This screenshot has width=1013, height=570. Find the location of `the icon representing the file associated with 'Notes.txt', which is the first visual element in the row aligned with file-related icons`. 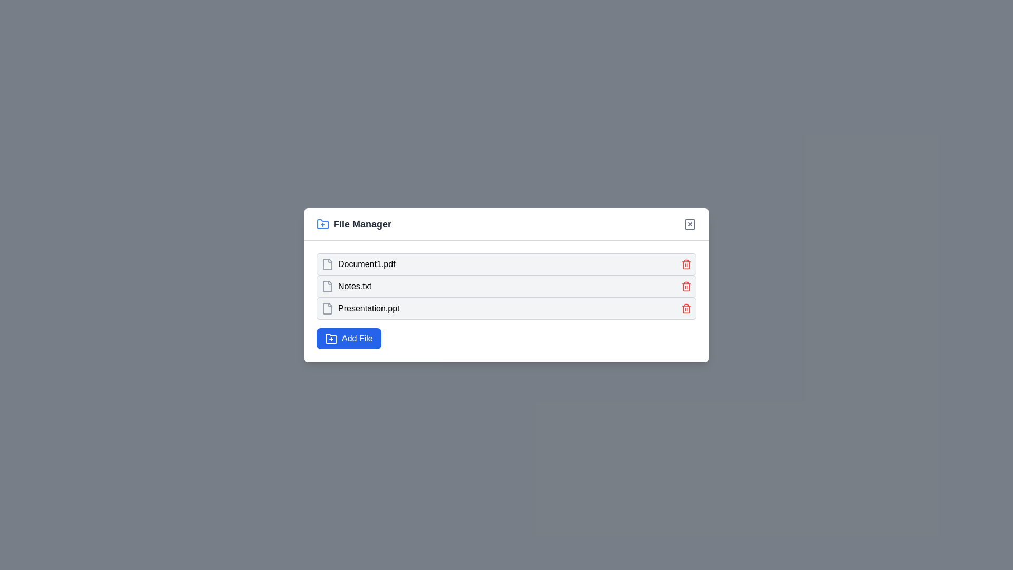

the icon representing the file associated with 'Notes.txt', which is the first visual element in the row aligned with file-related icons is located at coordinates (327, 286).